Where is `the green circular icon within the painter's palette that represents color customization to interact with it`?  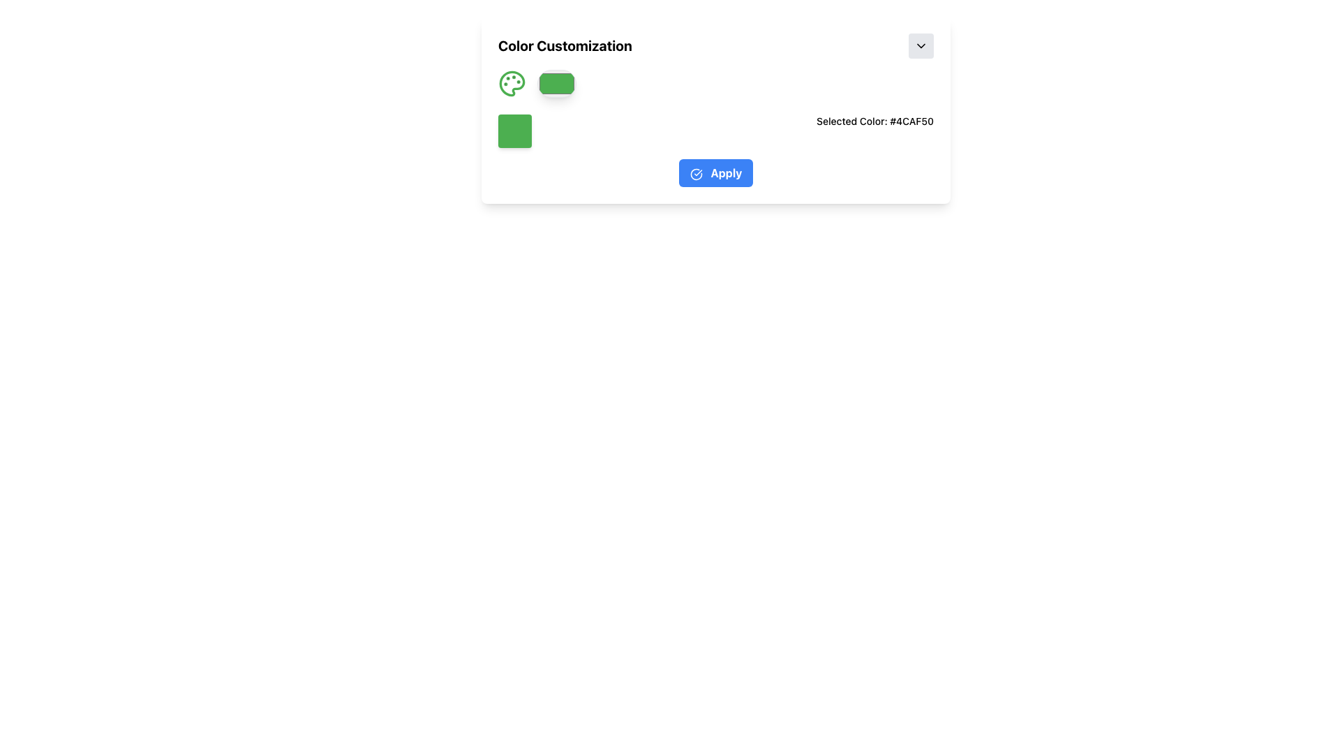
the green circular icon within the painter's palette that represents color customization to interact with it is located at coordinates (512, 83).